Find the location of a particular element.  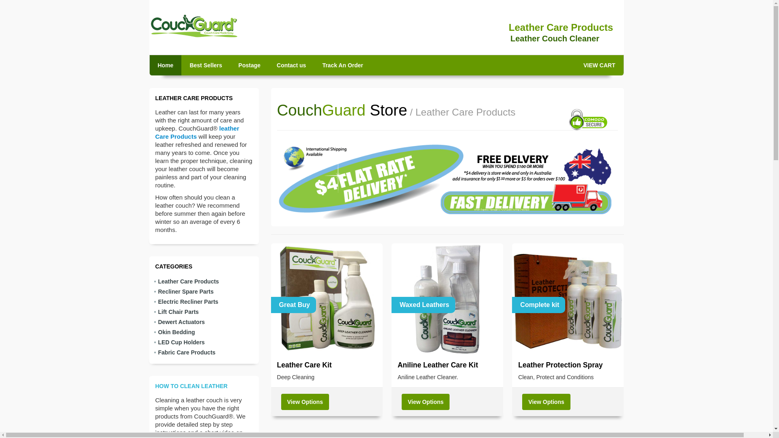

'Leather Care Products' is located at coordinates (207, 281).